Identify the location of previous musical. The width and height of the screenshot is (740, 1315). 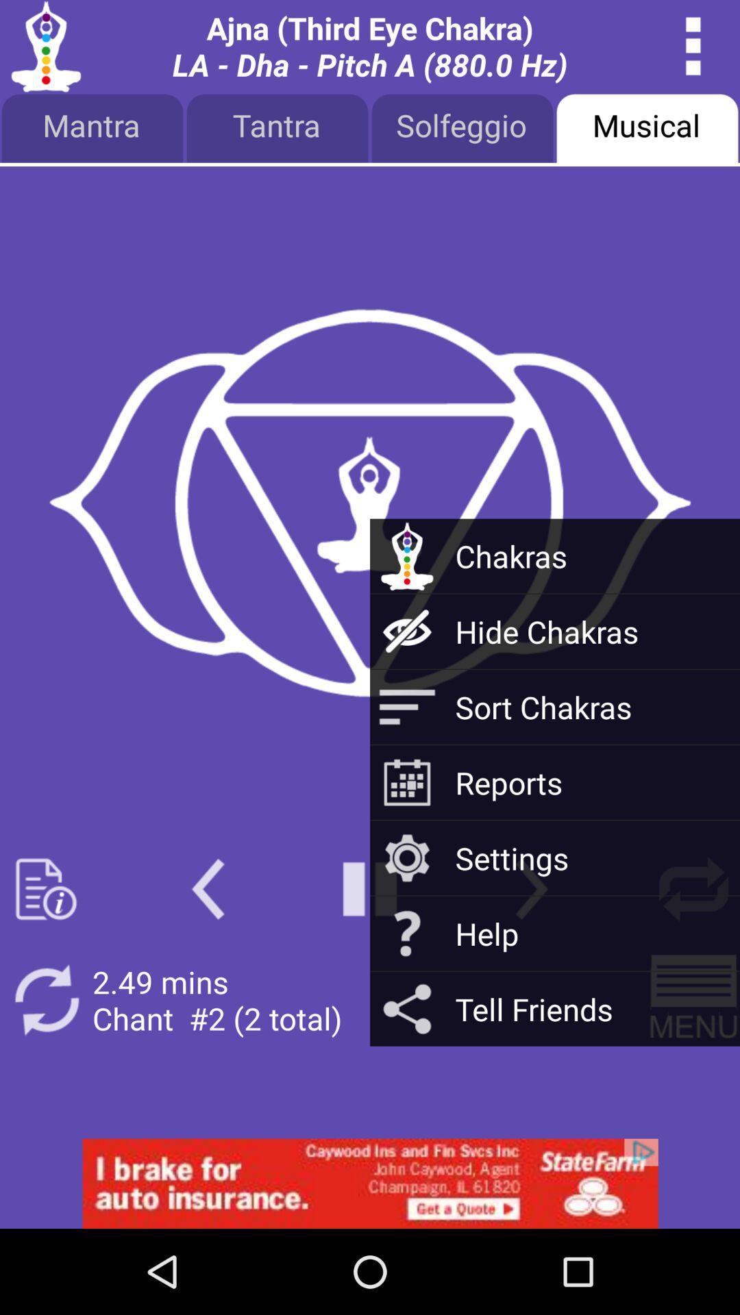
(208, 889).